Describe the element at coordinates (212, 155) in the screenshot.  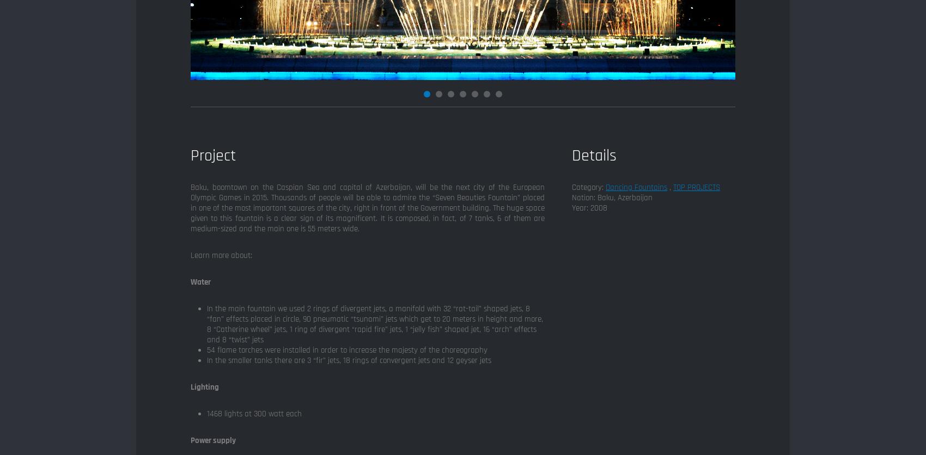
I see `'Project'` at that location.